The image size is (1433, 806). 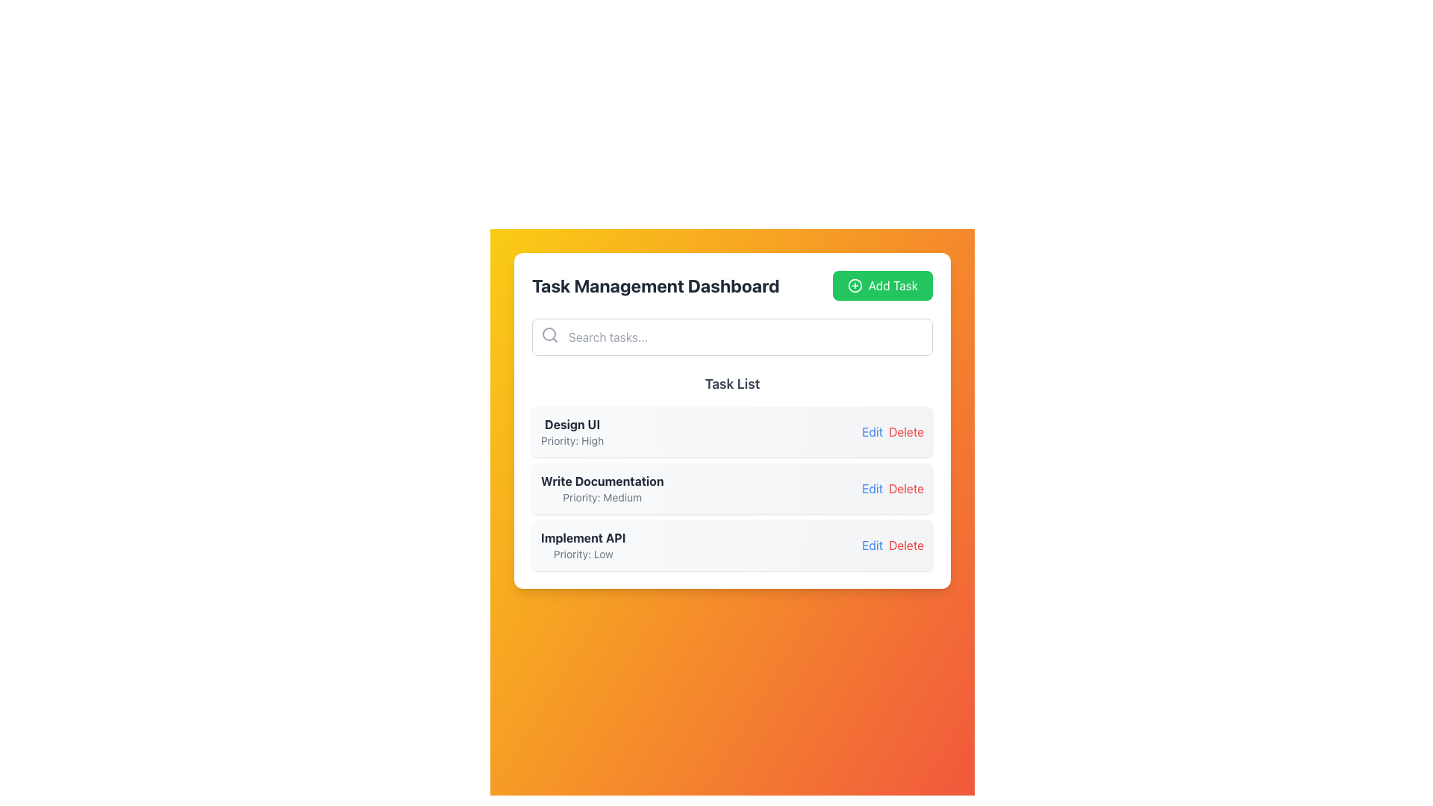 I want to click on the icon located to the left of the 'Add Task' text label within the green rectangular button at the top-right corner of the Task Management Dashboard, so click(x=855, y=285).